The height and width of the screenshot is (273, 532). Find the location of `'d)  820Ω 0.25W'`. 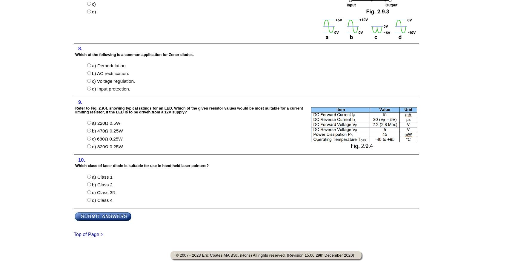

'd)  820Ω 0.25W' is located at coordinates (91, 146).